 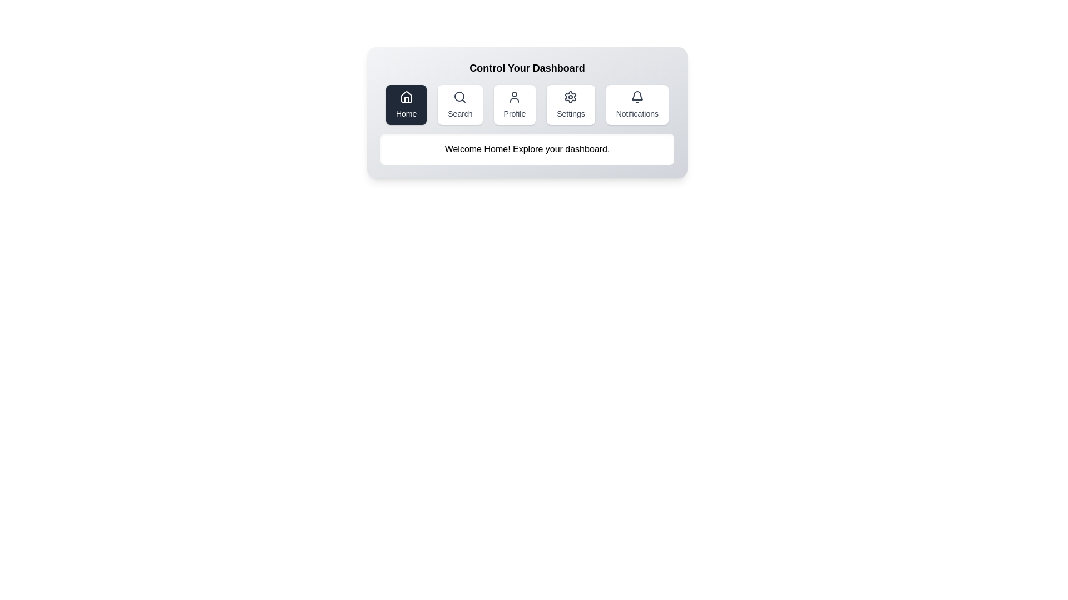 What do you see at coordinates (571, 113) in the screenshot?
I see `text label indicating the purpose of the 'Settings' button located in the navigation panel, which is positioned beneath a gear-shaped icon` at bounding box center [571, 113].